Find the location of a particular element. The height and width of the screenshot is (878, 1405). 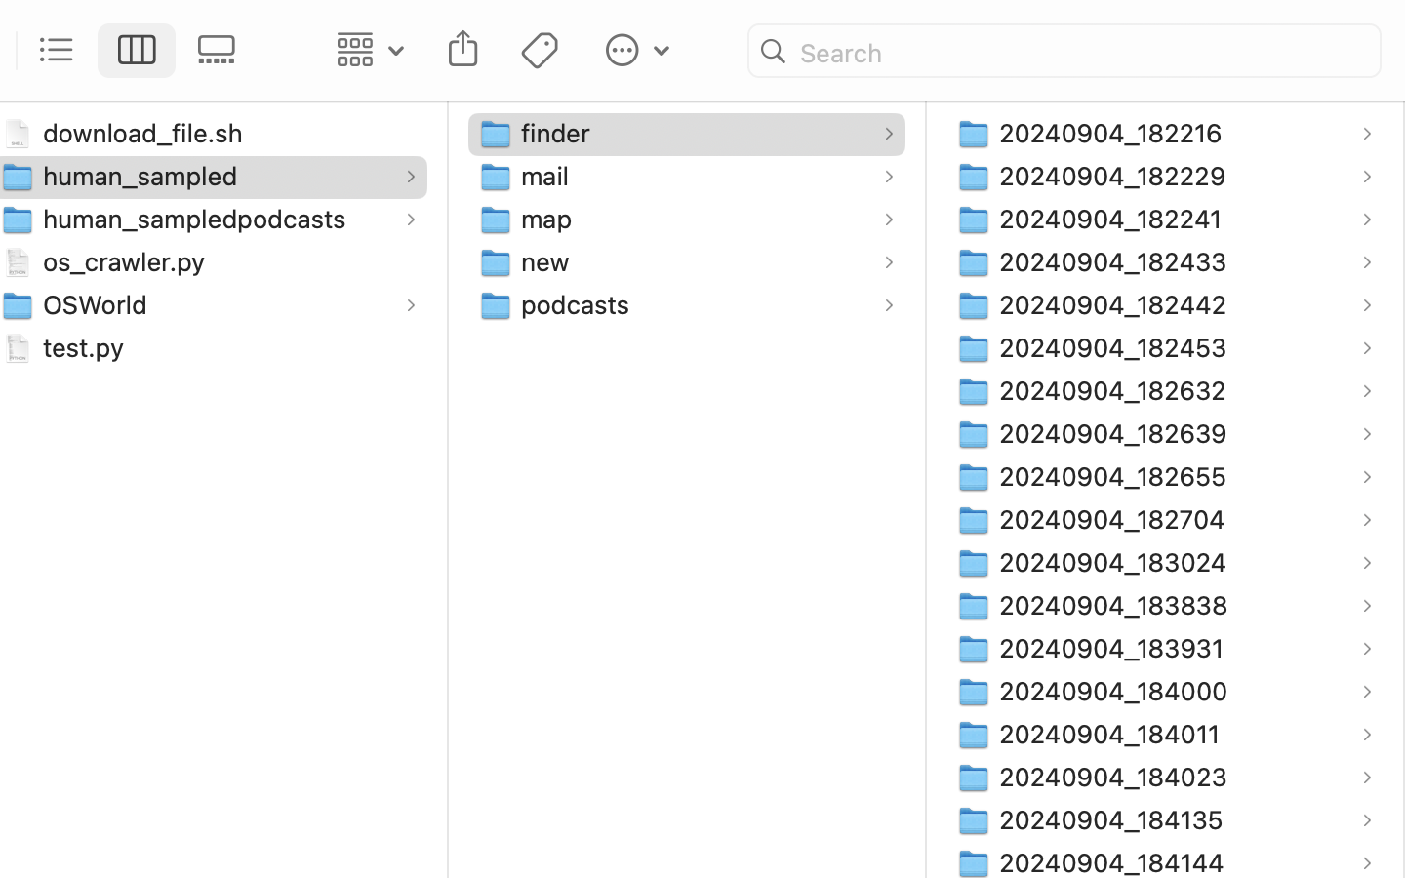

'human_sampled' is located at coordinates (143, 176).